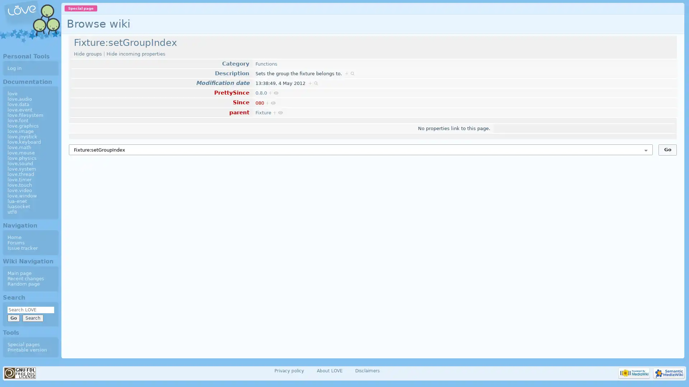  I want to click on Search, so click(32, 317).